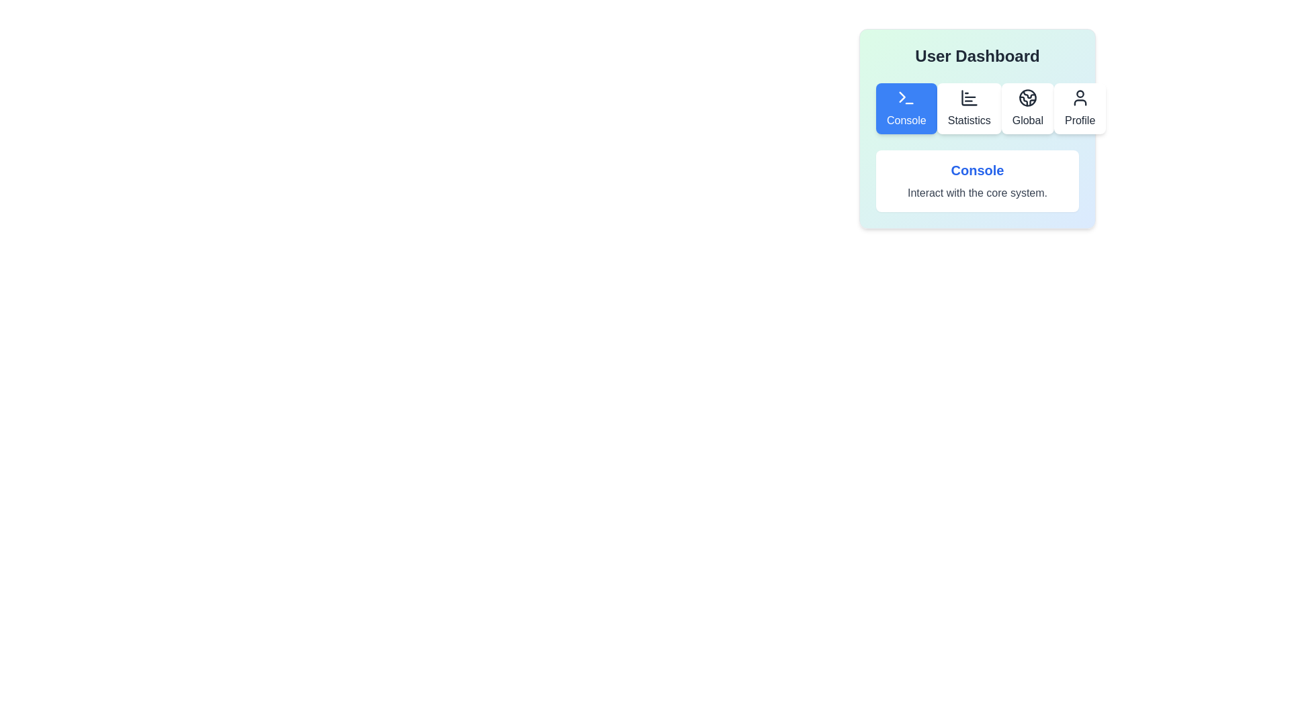  What do you see at coordinates (1080, 108) in the screenshot?
I see `the Profile tab` at bounding box center [1080, 108].